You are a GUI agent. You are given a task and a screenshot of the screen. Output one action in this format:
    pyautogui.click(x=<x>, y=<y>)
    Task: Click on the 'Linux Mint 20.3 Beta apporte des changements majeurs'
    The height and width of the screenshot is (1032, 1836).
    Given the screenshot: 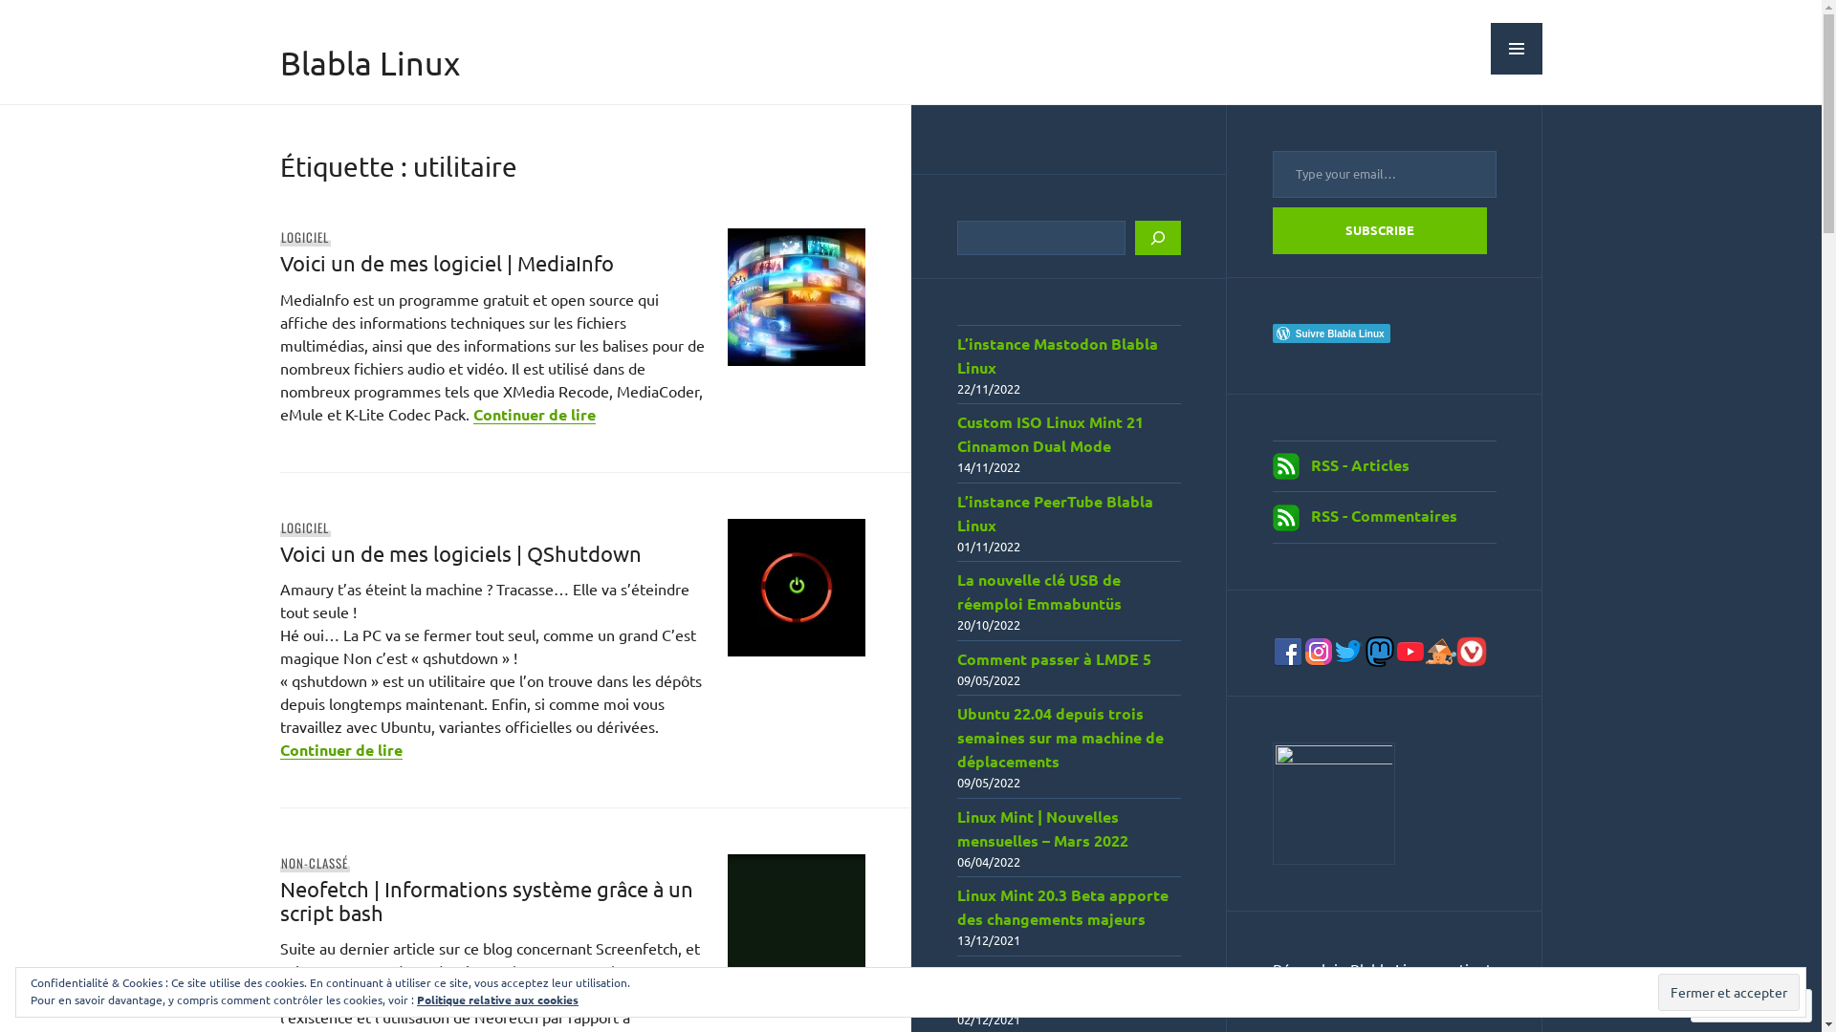 What is the action you would take?
    pyautogui.click(x=1060, y=905)
    